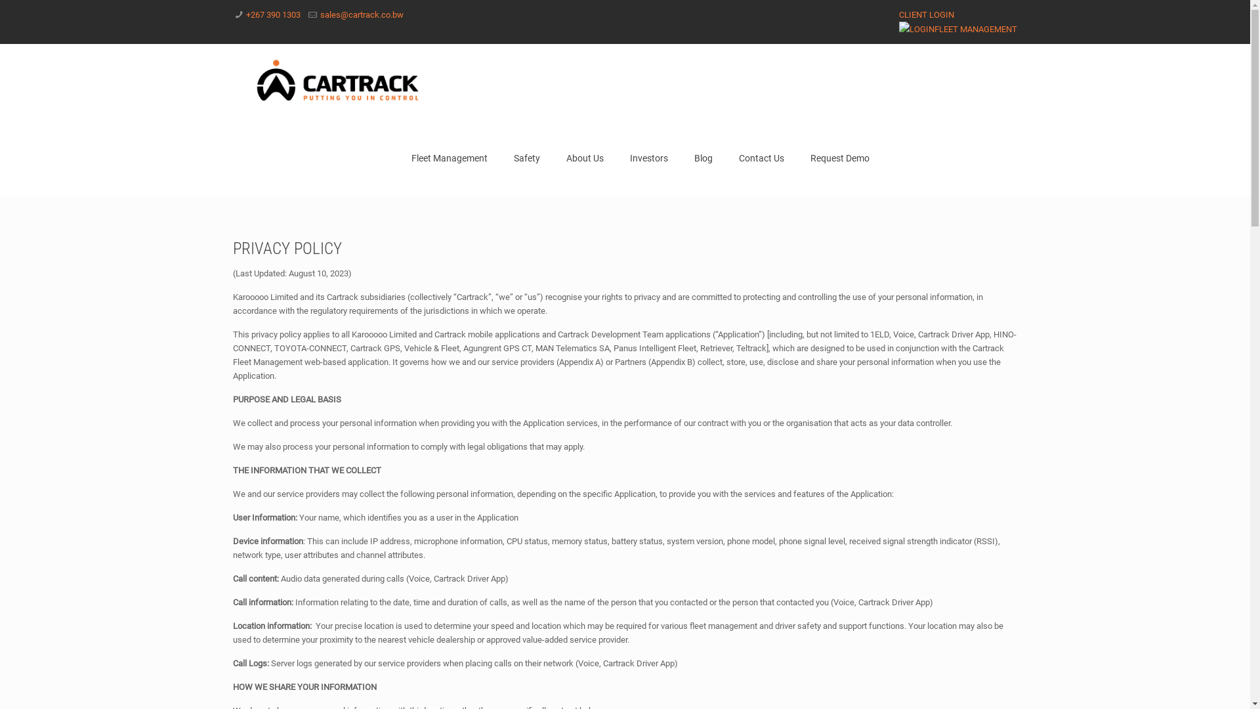 The image size is (1260, 709). Describe the element at coordinates (526, 157) in the screenshot. I see `'Safety'` at that location.